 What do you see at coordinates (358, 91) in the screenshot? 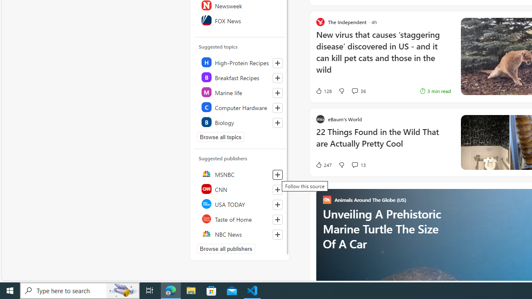
I see `'View comments 36 Comment'` at bounding box center [358, 91].